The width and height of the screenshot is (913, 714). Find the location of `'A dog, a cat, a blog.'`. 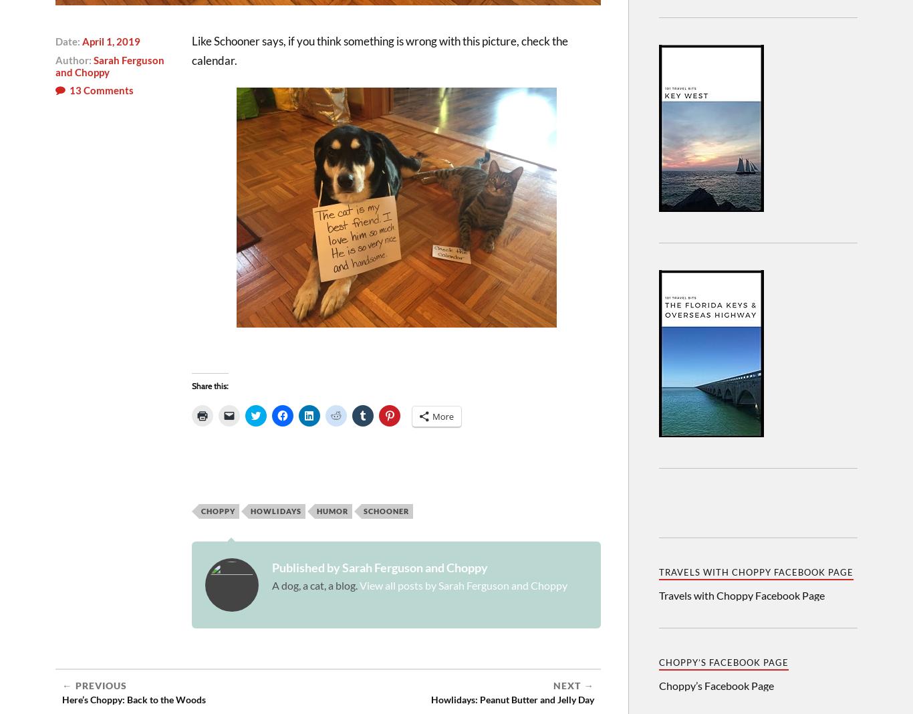

'A dog, a cat, a blog.' is located at coordinates (315, 584).